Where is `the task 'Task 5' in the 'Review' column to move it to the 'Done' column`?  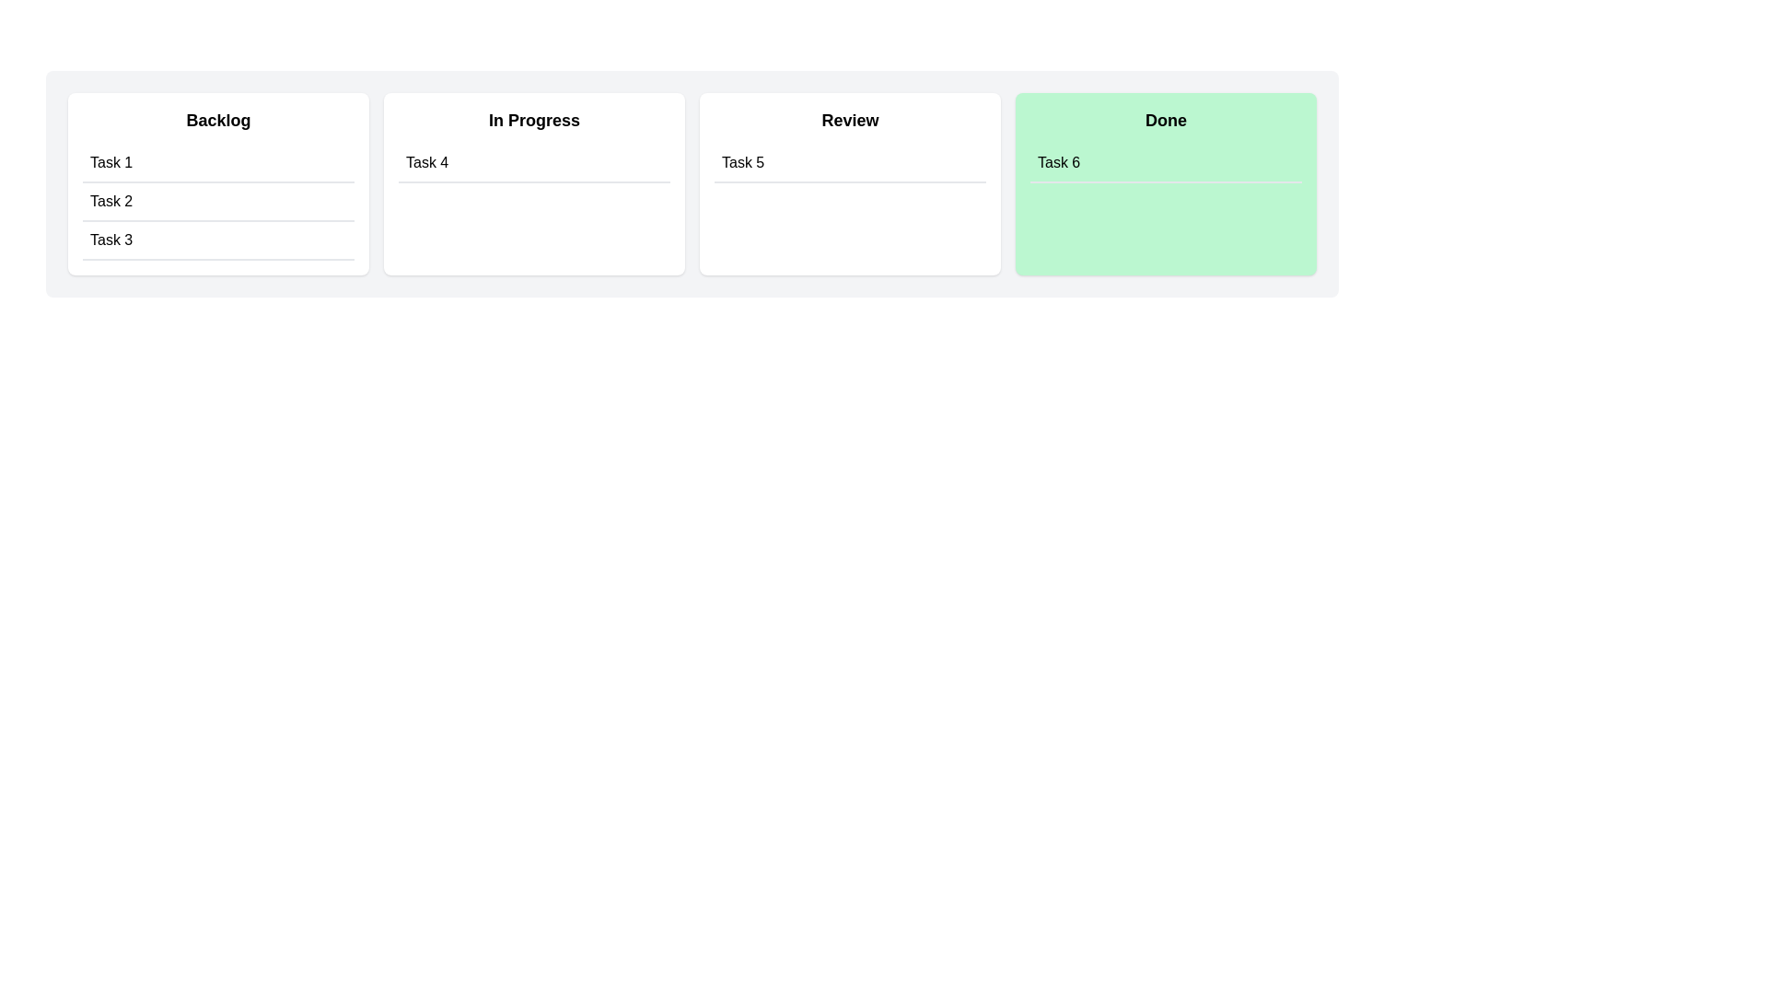 the task 'Task 5' in the 'Review' column to move it to the 'Done' column is located at coordinates (849, 162).